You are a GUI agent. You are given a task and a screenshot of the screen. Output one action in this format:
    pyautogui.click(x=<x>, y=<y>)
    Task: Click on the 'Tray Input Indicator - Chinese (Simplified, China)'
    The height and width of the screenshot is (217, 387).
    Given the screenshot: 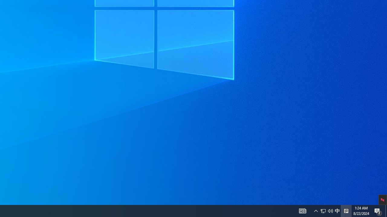 What is the action you would take?
    pyautogui.click(x=337, y=210)
    